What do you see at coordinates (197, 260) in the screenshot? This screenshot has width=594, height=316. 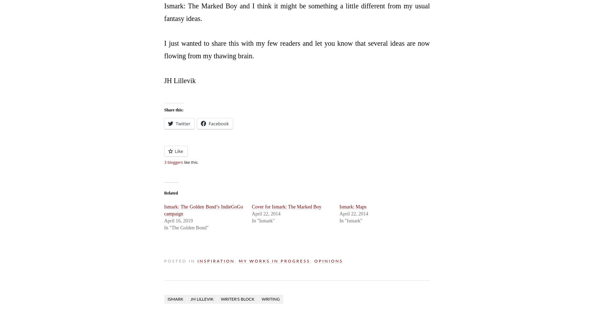 I see `'Inspiration'` at bounding box center [197, 260].